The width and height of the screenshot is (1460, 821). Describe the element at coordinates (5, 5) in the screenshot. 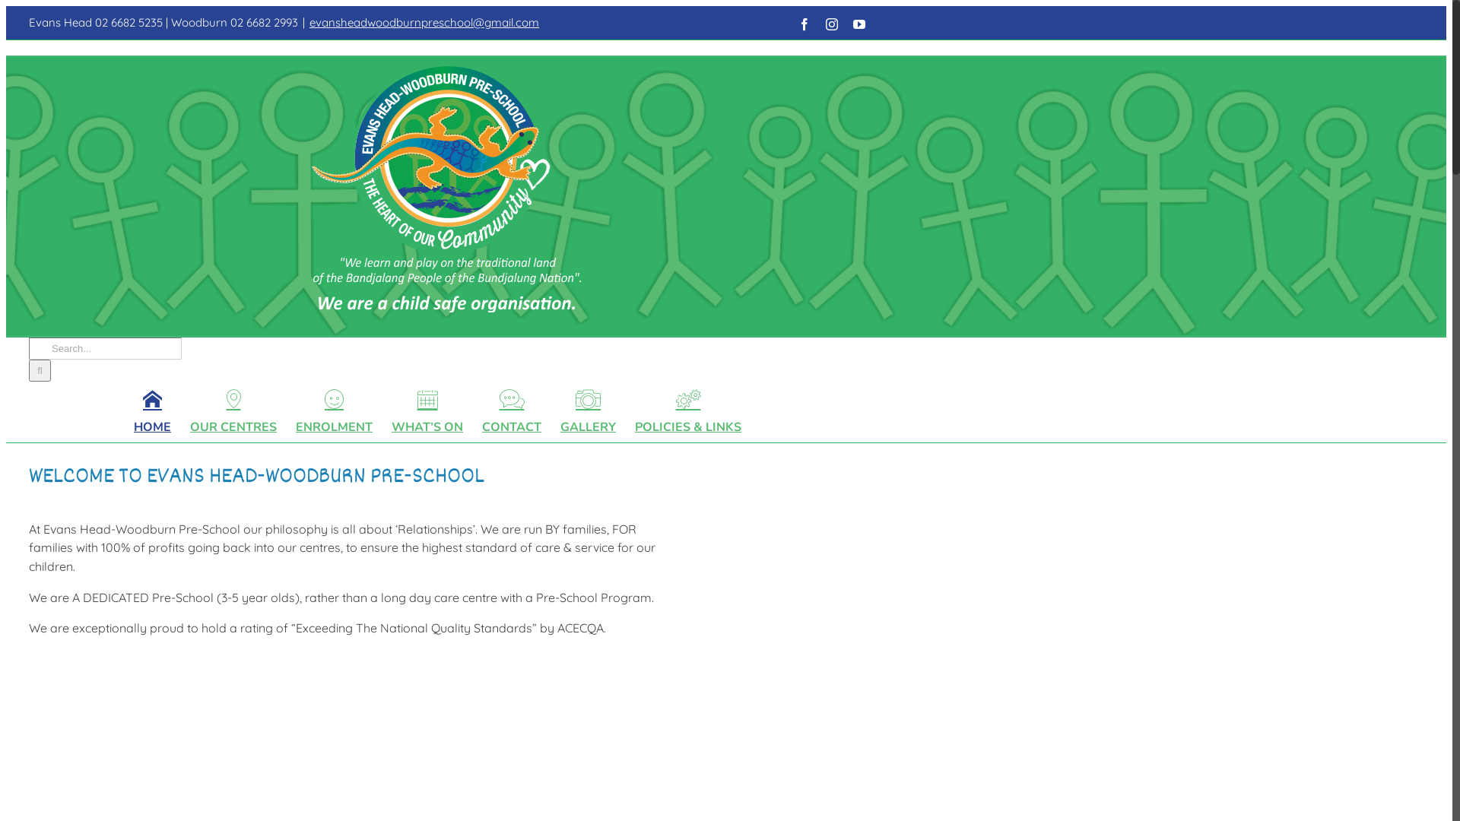

I see `'Skip to content'` at that location.